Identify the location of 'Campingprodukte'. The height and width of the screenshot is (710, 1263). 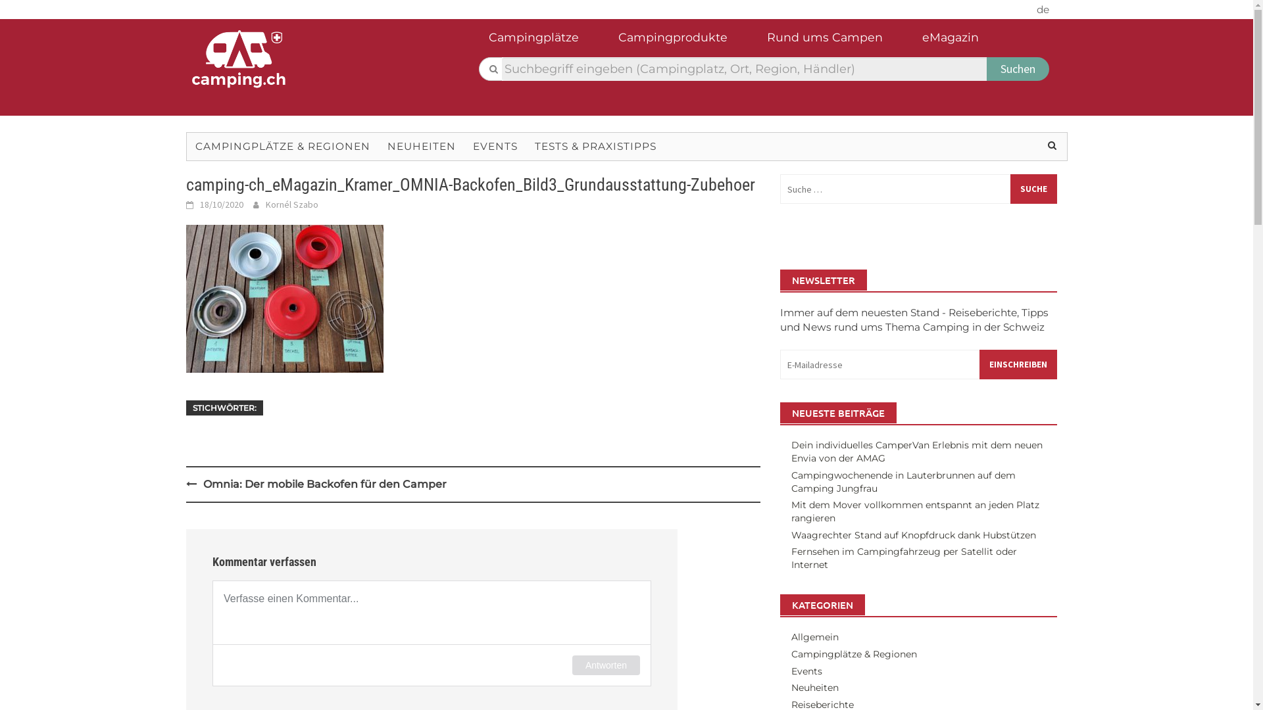
(685, 41).